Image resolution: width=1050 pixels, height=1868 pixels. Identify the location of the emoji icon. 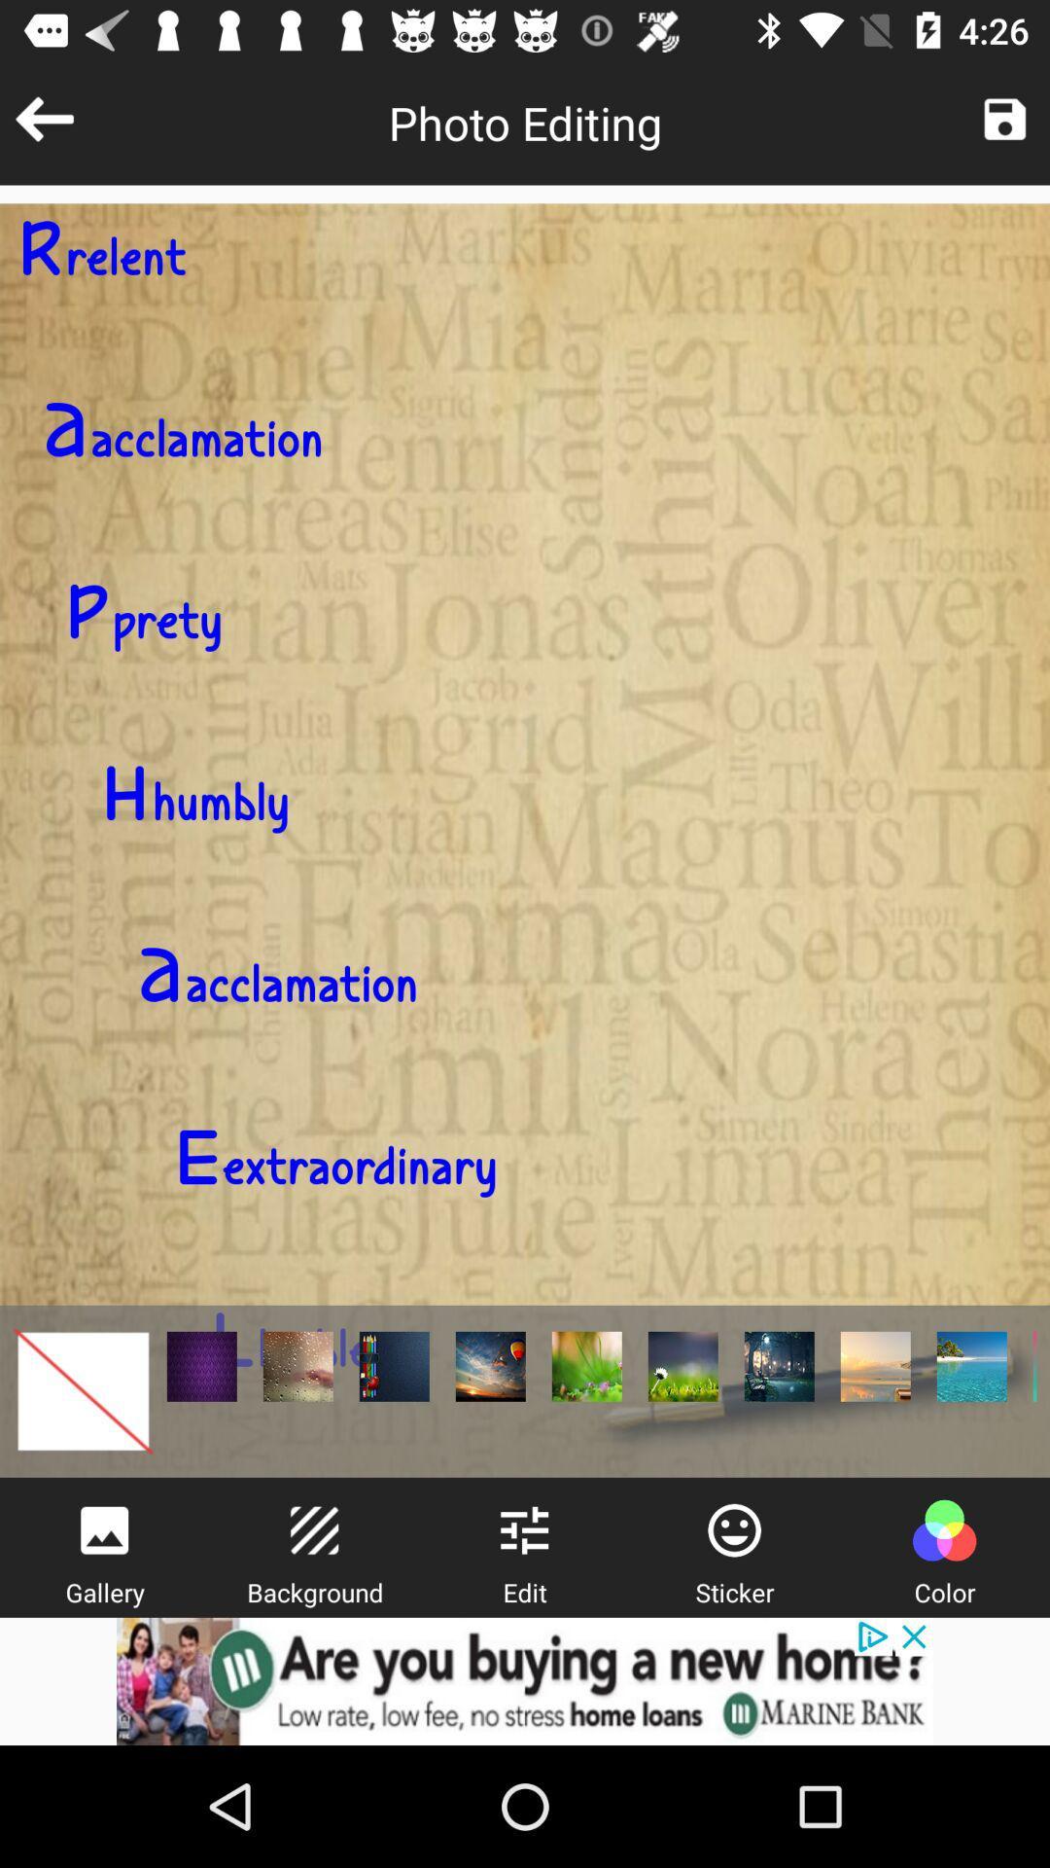
(734, 1529).